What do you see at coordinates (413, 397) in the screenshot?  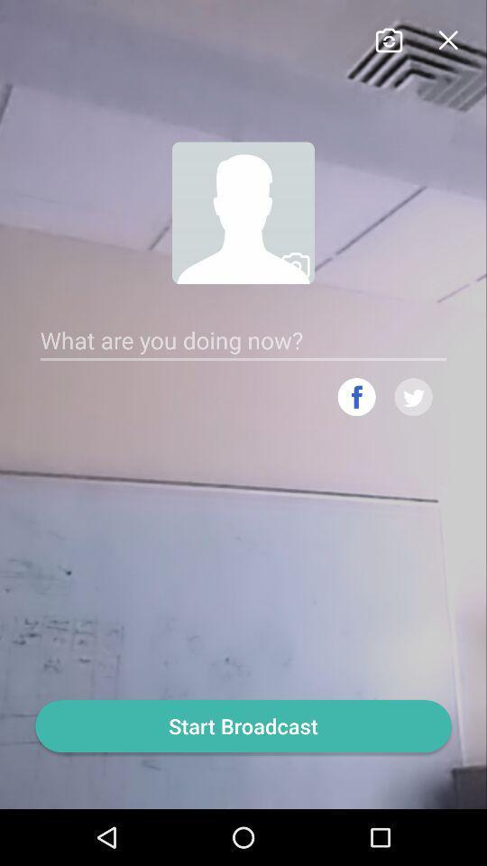 I see `link twitter` at bounding box center [413, 397].